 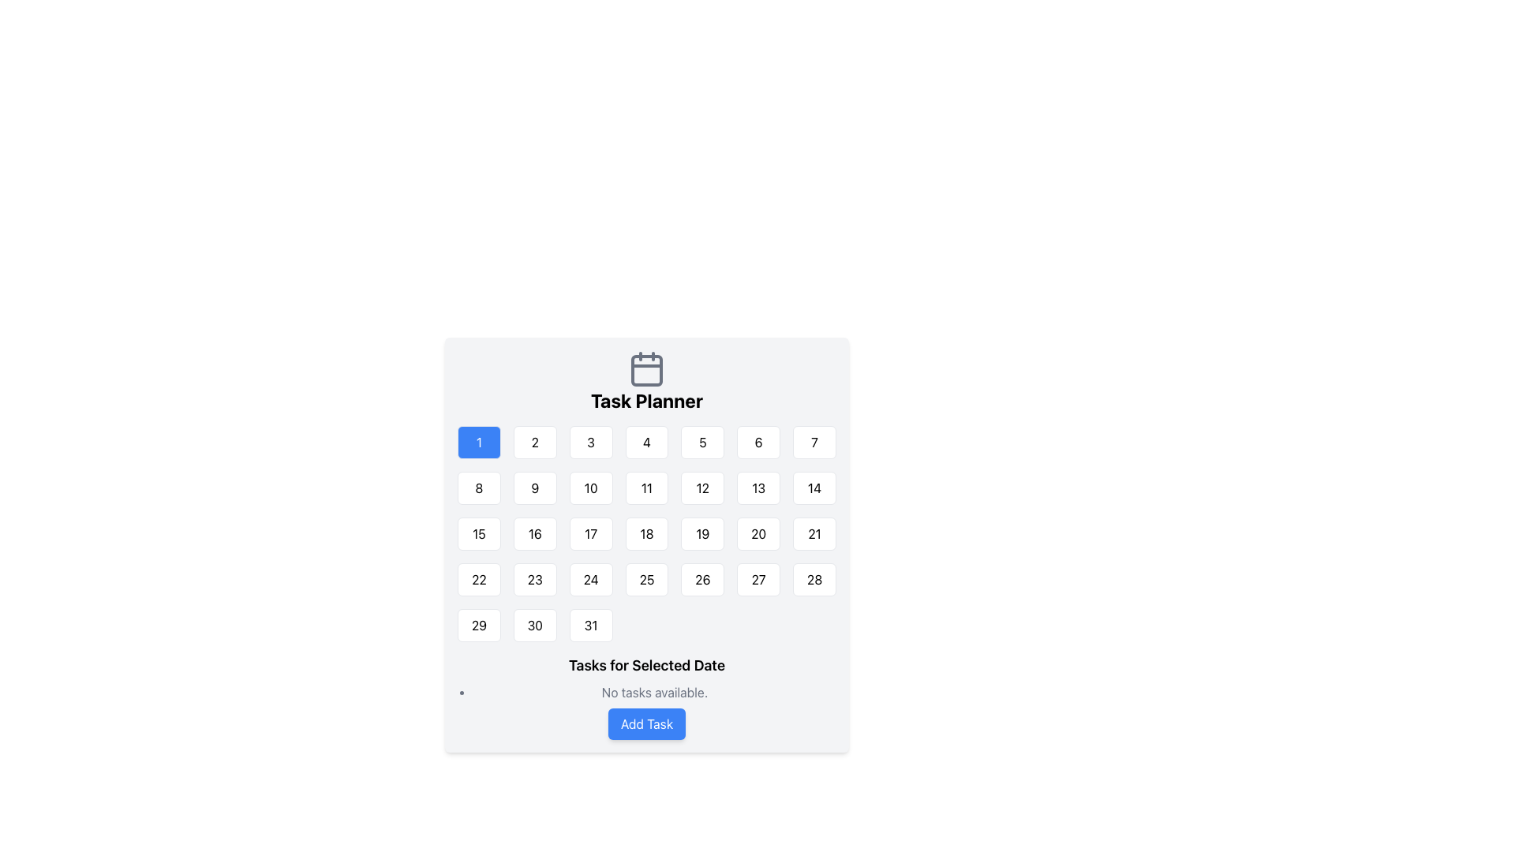 I want to click on the day selector button for the 11th day of the month, so click(x=647, y=487).